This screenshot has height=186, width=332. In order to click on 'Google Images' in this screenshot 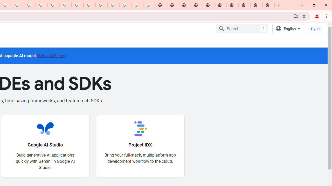, I will do `click(149, 5)`.